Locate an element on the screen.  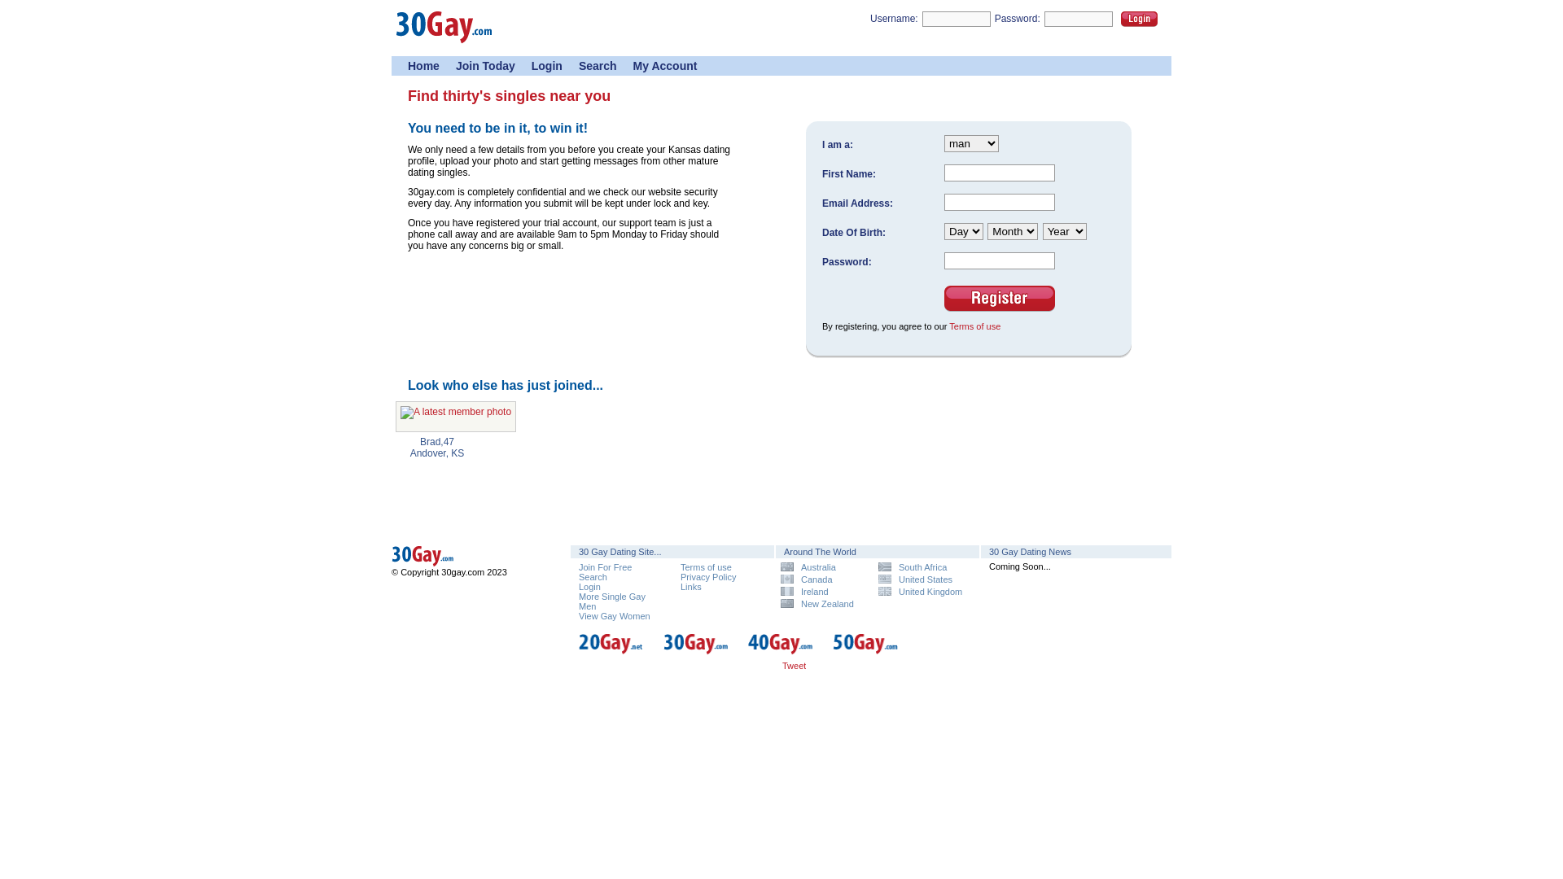
'Login' is located at coordinates (1120, 19).